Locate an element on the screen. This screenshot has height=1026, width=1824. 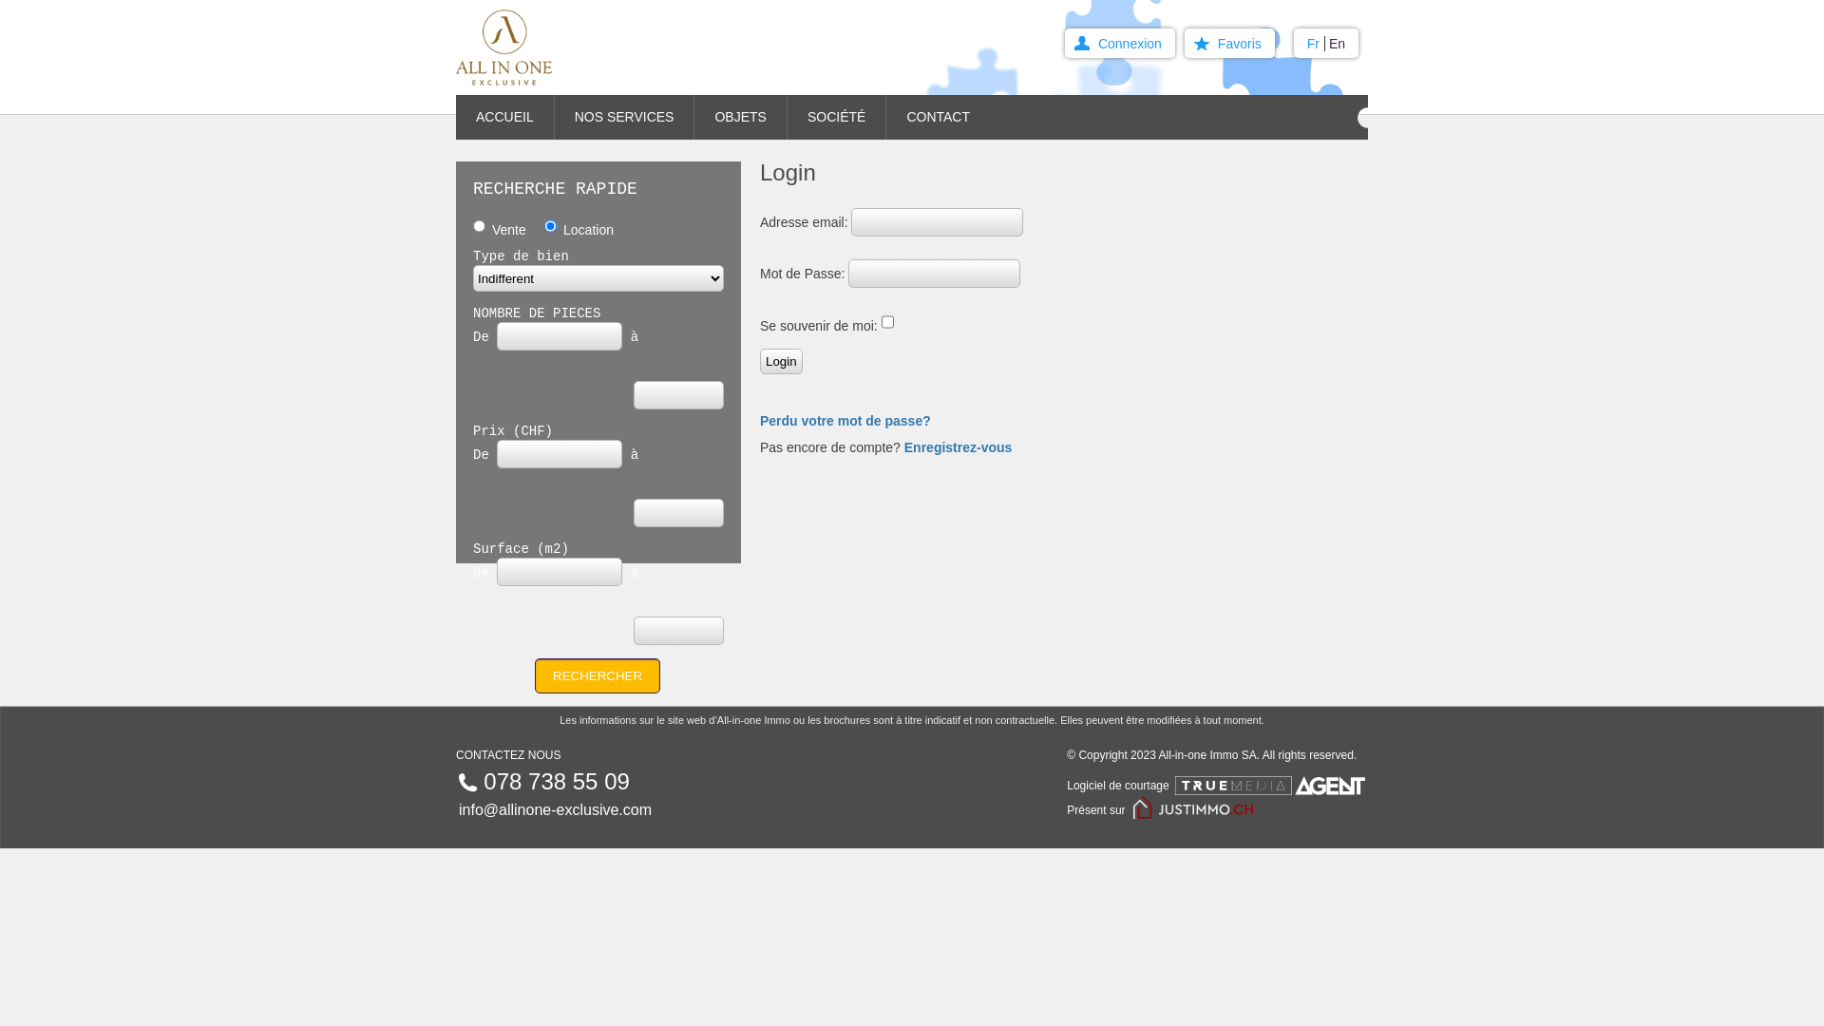
'Se souvenir de moi' is located at coordinates (886, 321).